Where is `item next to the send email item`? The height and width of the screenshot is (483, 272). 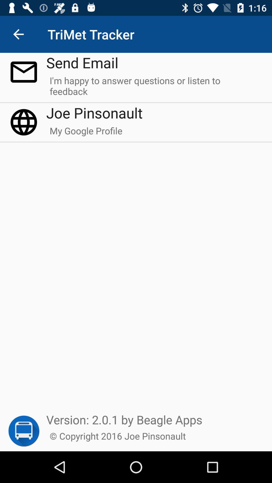 item next to the send email item is located at coordinates (18, 34).